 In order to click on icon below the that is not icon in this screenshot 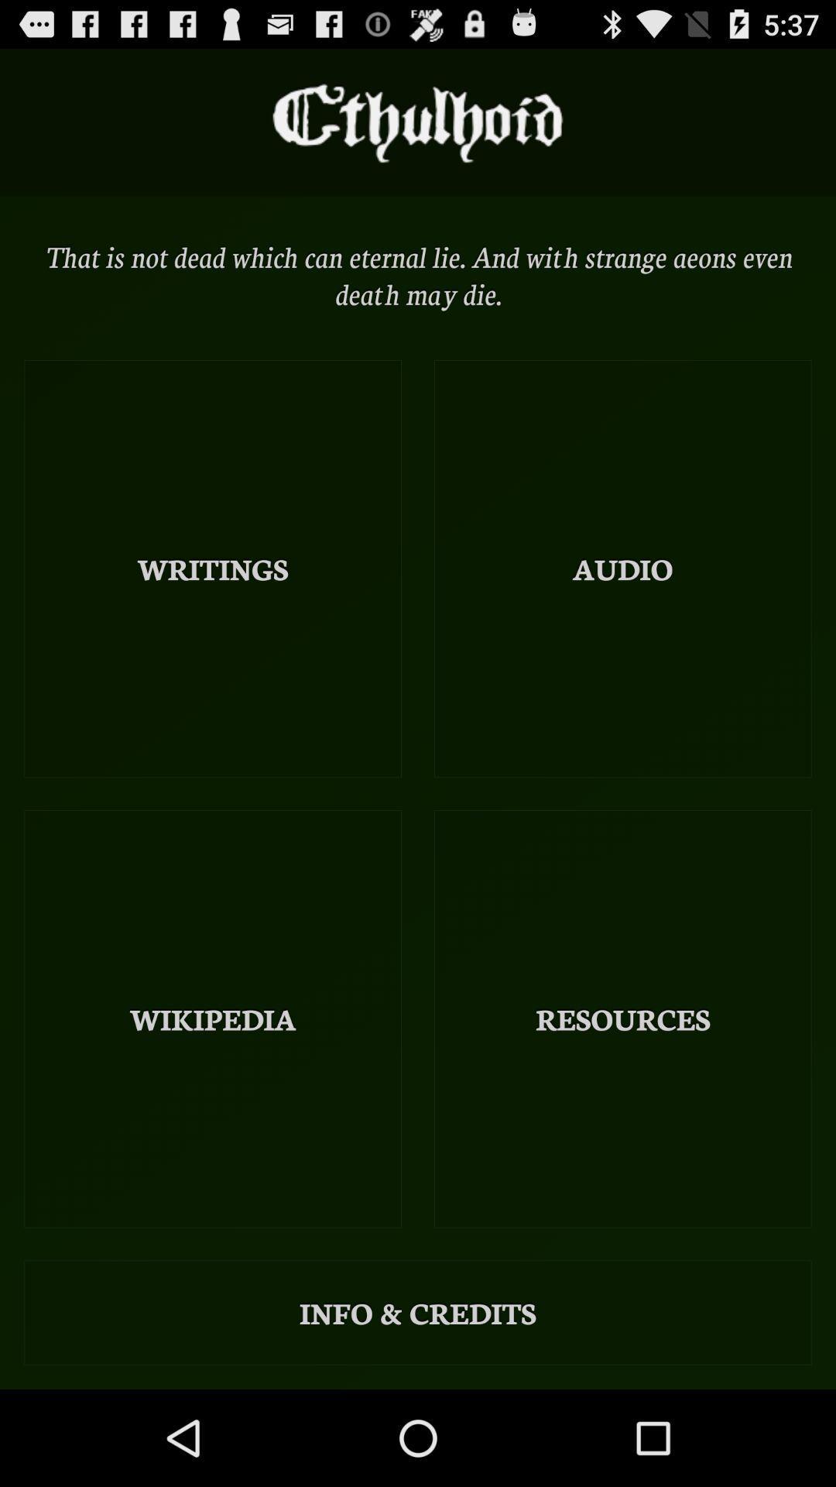, I will do `click(622, 568)`.